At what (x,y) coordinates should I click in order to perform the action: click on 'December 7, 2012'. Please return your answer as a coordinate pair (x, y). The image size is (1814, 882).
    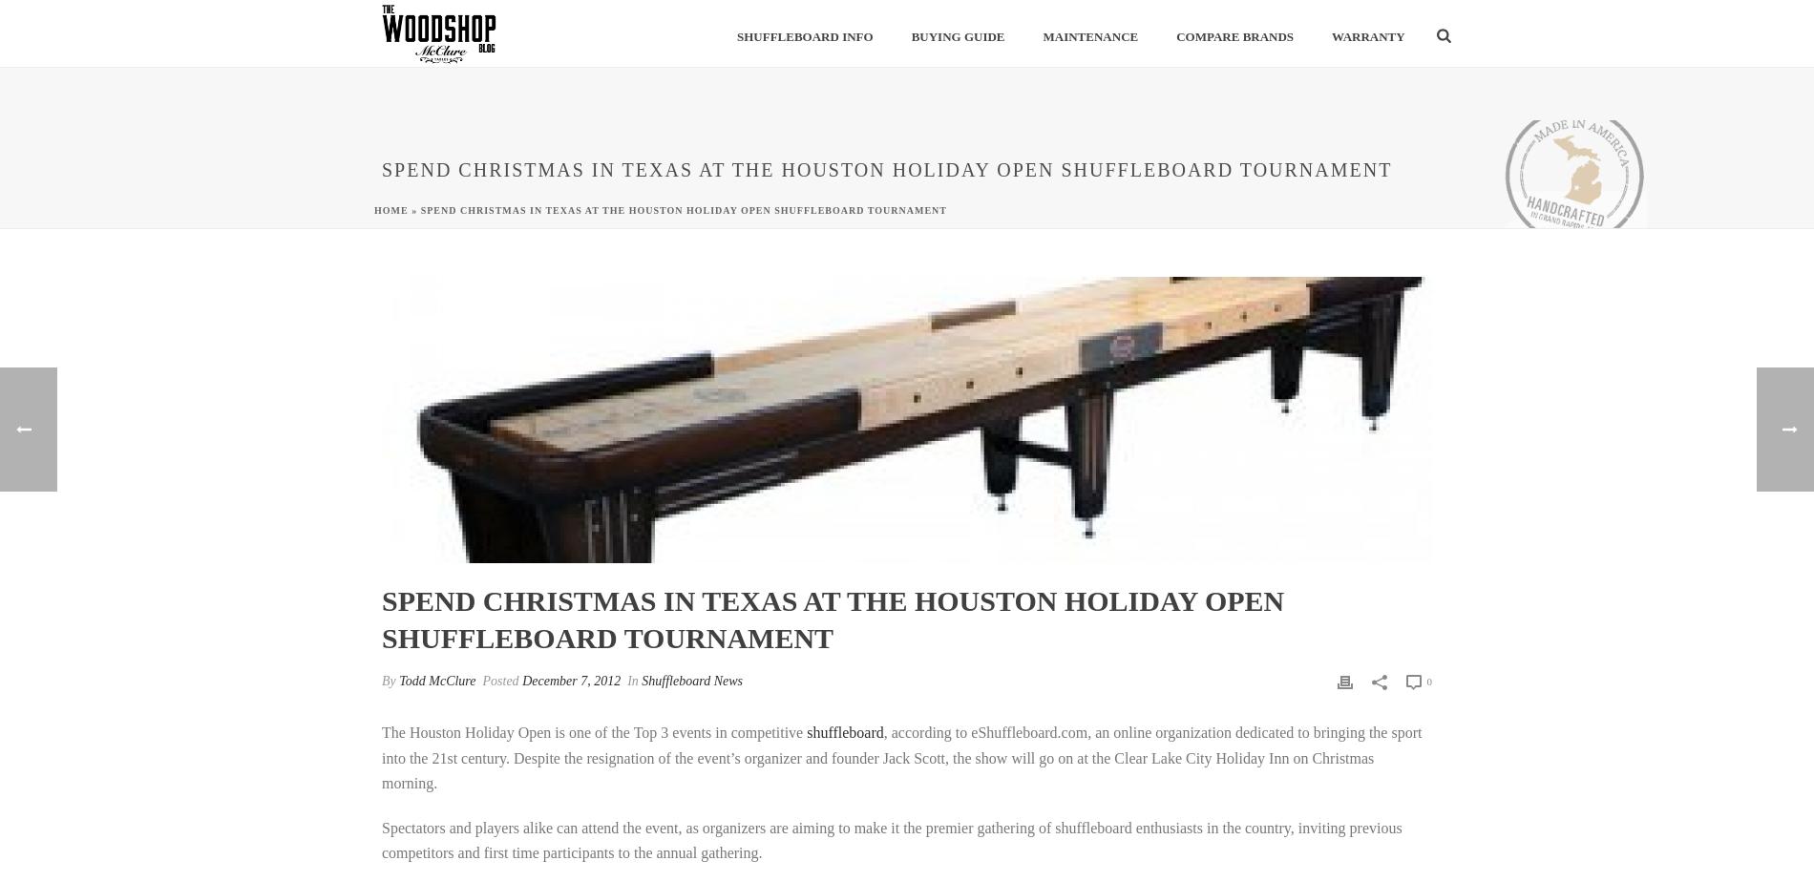
    Looking at the image, I should click on (571, 681).